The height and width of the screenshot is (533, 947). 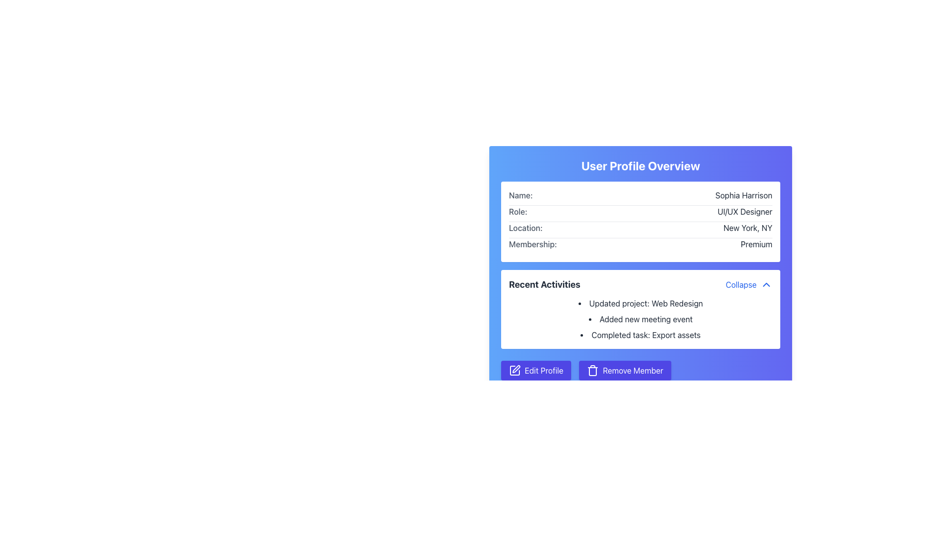 I want to click on text label that displays 'Role:' located in the user profile overview section of the profile card, so click(x=517, y=211).